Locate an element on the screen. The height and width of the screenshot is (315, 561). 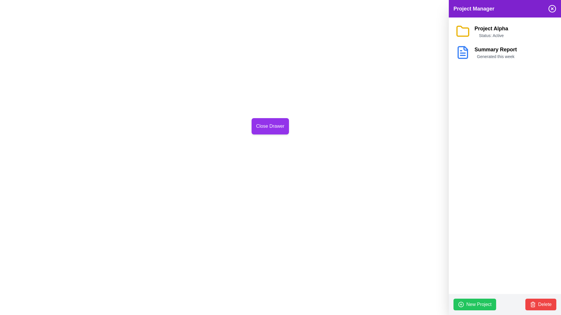
the 'New Project' button, a green button with rounded edges and a white text label is located at coordinates (475, 304).